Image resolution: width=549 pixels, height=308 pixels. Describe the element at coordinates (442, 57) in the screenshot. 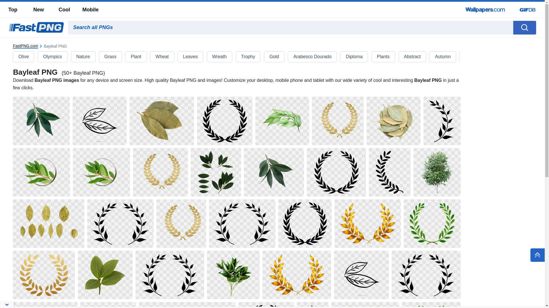

I see `'Autumn'` at that location.